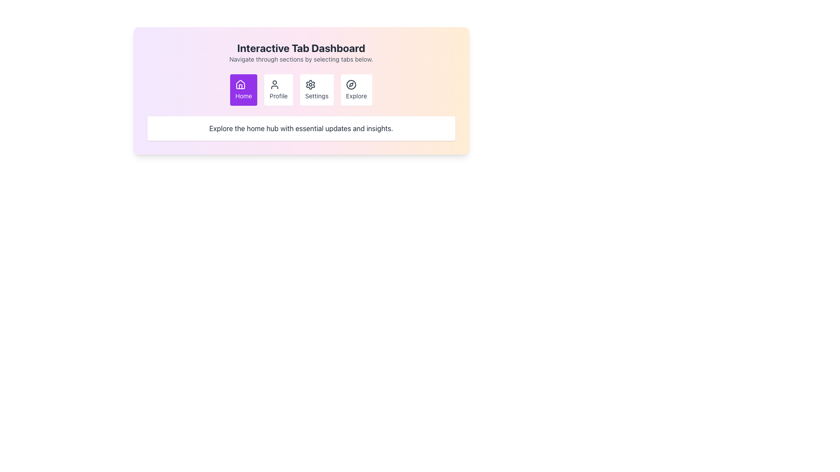 The image size is (840, 472). Describe the element at coordinates (310, 84) in the screenshot. I see `the gear icon representing the 'Settings' functionality, which is the third button in a horizontal row of four buttons` at that location.